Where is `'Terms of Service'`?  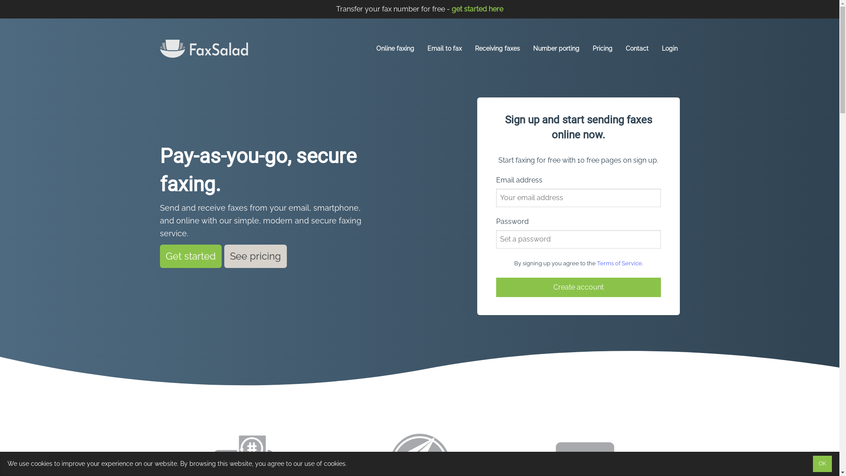 'Terms of Service' is located at coordinates (619, 263).